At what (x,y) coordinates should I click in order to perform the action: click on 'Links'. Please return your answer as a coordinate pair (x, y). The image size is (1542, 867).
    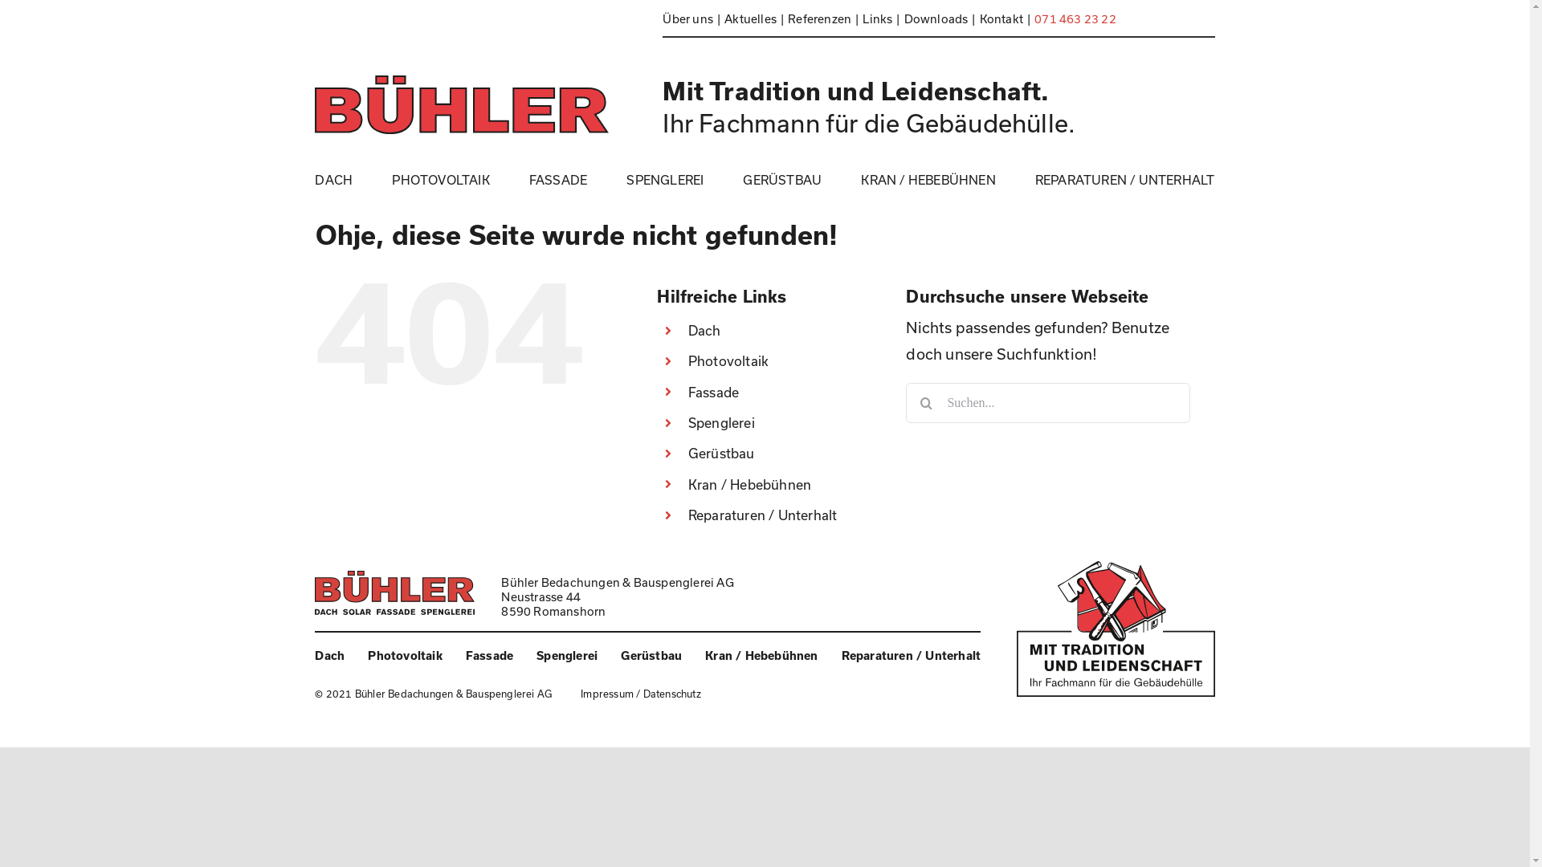
    Looking at the image, I should click on (882, 18).